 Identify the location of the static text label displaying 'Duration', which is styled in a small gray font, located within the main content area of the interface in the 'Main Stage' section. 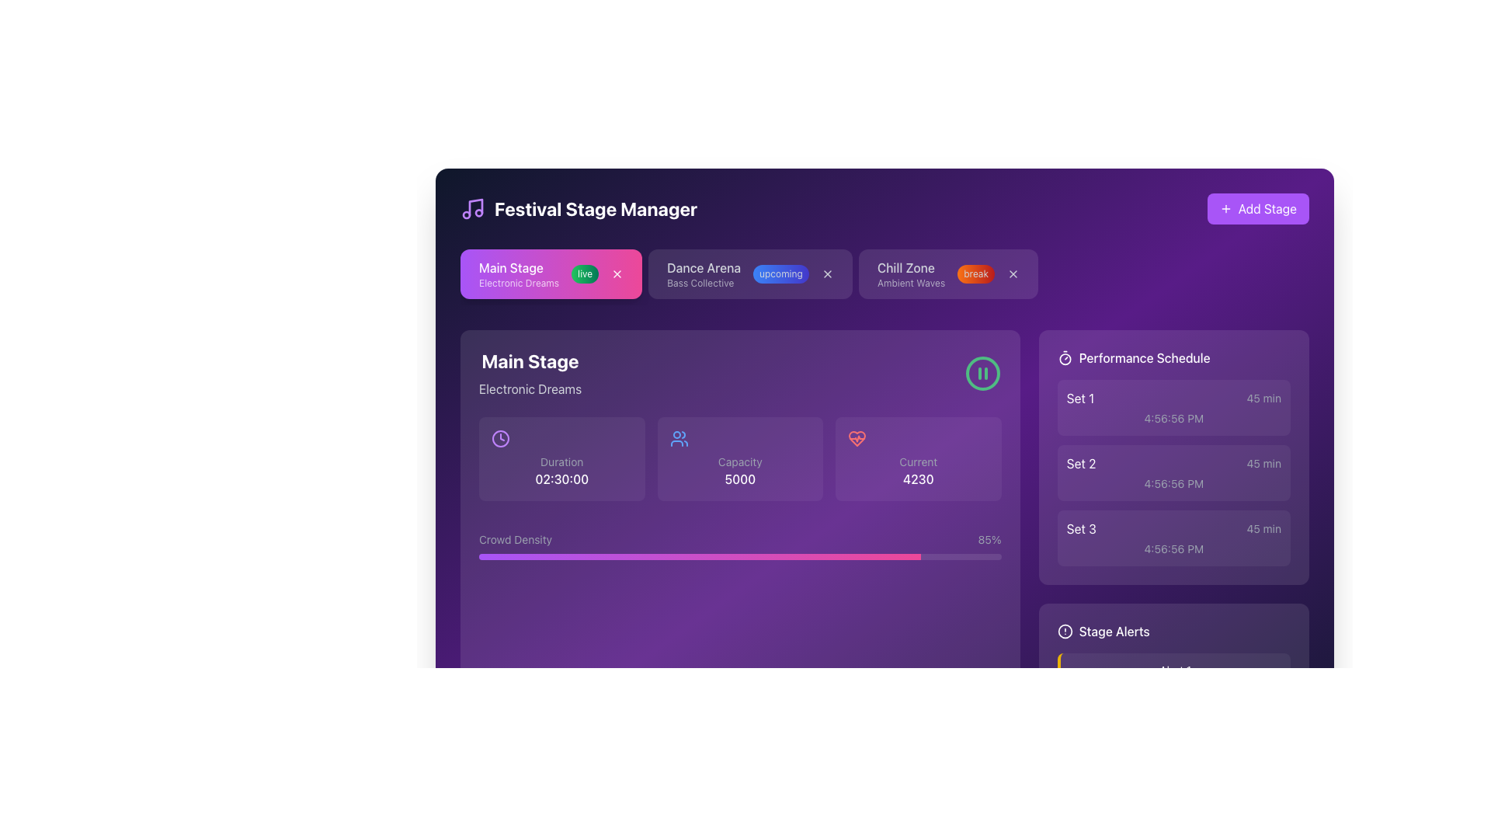
(561, 461).